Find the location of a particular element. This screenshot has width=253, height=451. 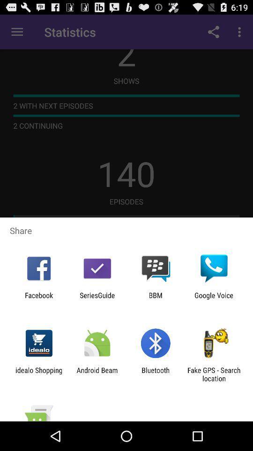

item to the left of android beam is located at coordinates (38, 374).